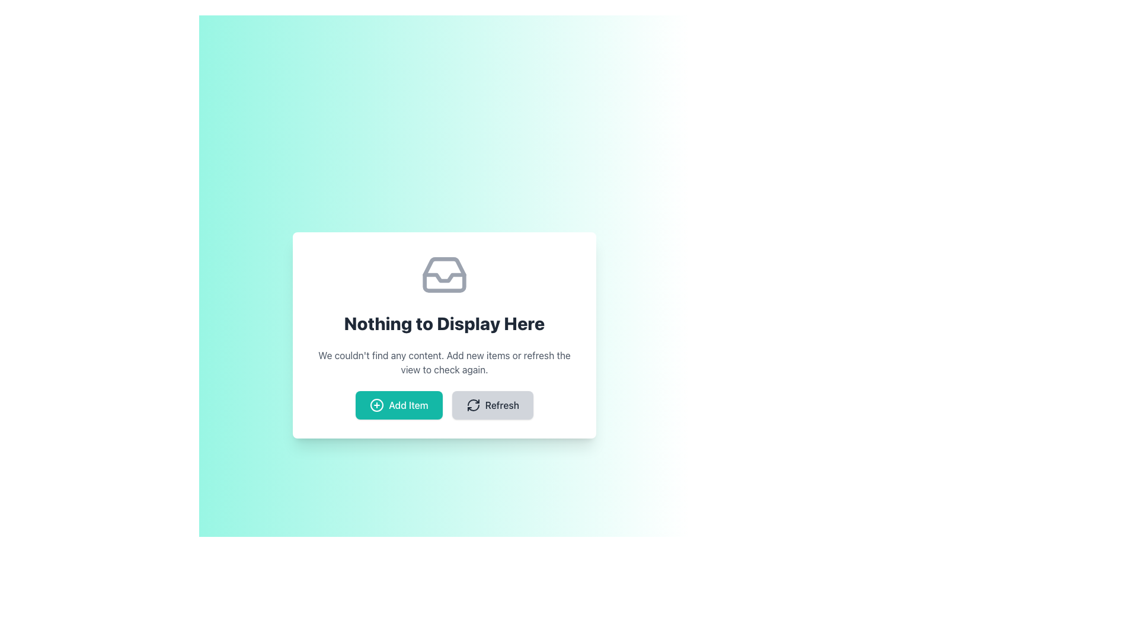 The image size is (1138, 640). What do you see at coordinates (376, 404) in the screenshot?
I see `the decorative background element of the '+' icon for the 'Add Item' button` at bounding box center [376, 404].